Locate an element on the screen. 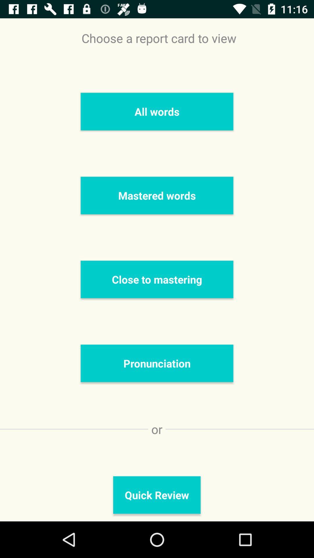 The width and height of the screenshot is (314, 558). mastered words item is located at coordinates (157, 195).